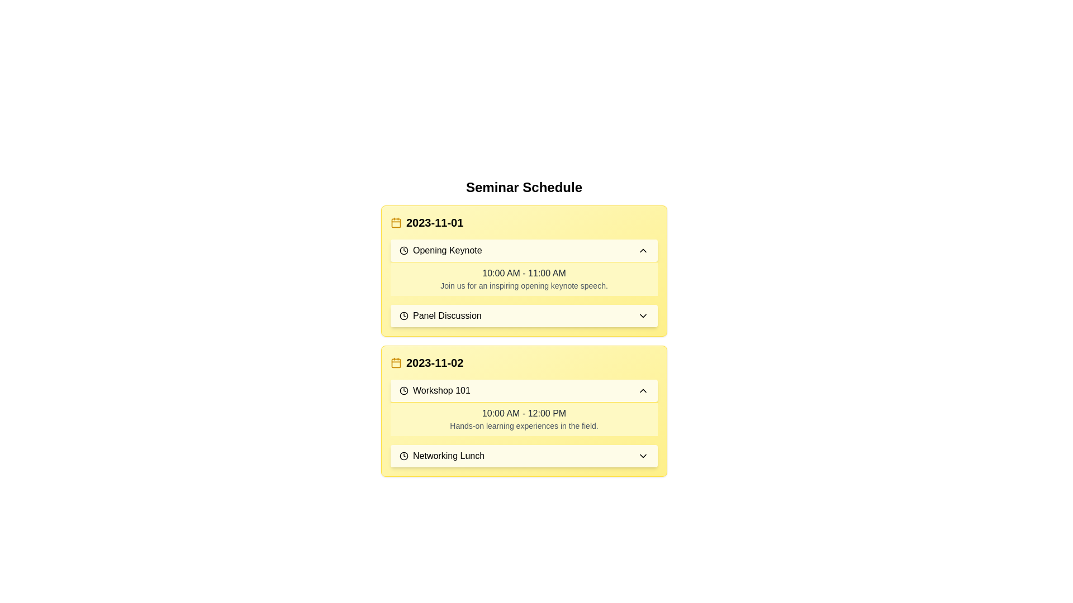 The height and width of the screenshot is (603, 1073). I want to click on the upward-pointing chevron icon on the right end of the 'Opening Keynote' bar, so click(643, 250).